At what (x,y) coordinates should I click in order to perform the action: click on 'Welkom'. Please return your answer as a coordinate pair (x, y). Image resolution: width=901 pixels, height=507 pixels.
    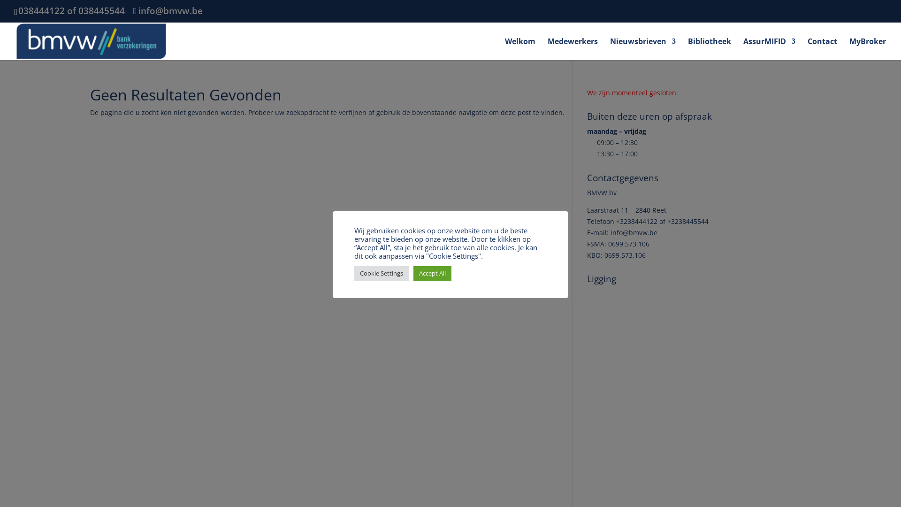
    Looking at the image, I should click on (519, 48).